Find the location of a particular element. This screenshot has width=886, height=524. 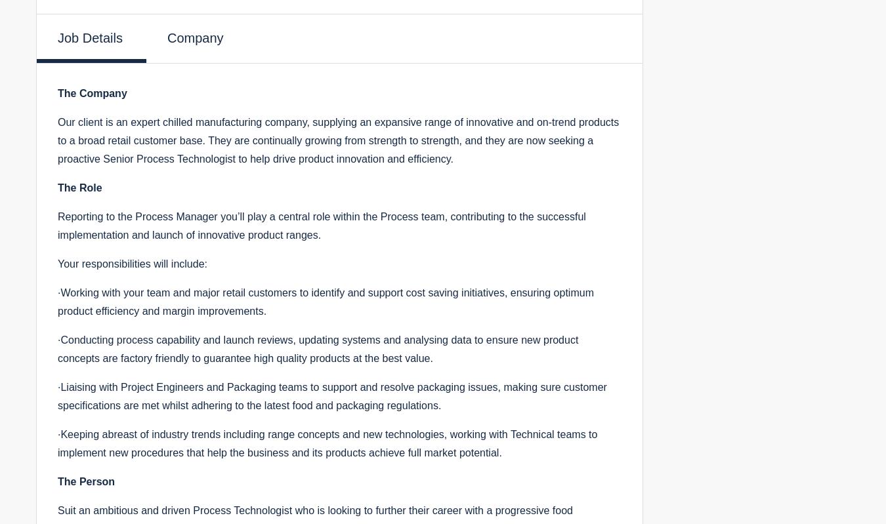

'Job Details' is located at coordinates (90, 36).